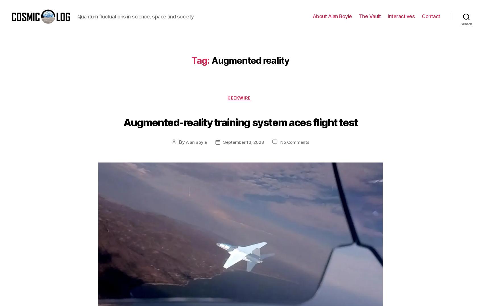 The image size is (481, 306). What do you see at coordinates (238, 43) in the screenshot?
I see `'Maryland Blended Reality Center'` at bounding box center [238, 43].